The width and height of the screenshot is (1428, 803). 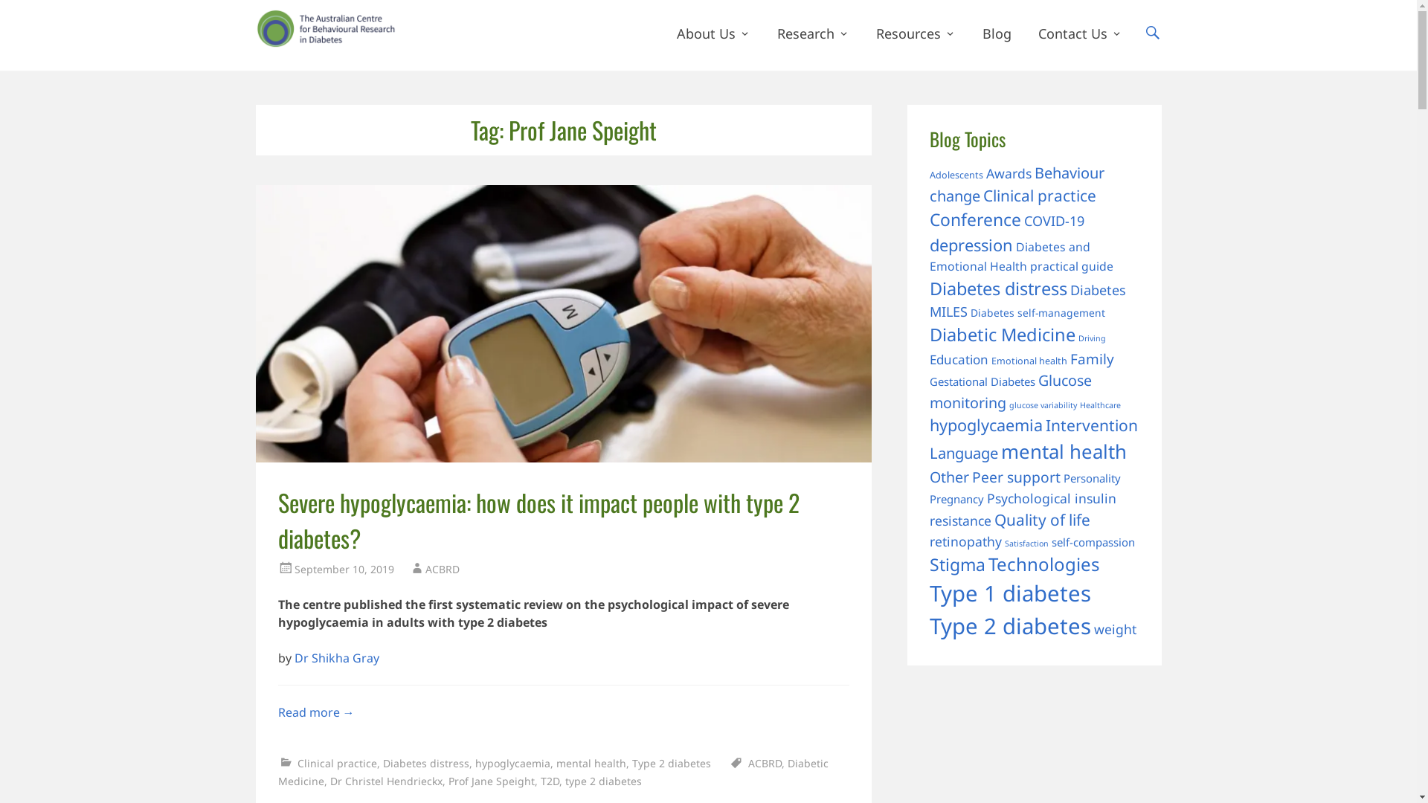 What do you see at coordinates (1003, 335) in the screenshot?
I see `'Diabetic Medicine'` at bounding box center [1003, 335].